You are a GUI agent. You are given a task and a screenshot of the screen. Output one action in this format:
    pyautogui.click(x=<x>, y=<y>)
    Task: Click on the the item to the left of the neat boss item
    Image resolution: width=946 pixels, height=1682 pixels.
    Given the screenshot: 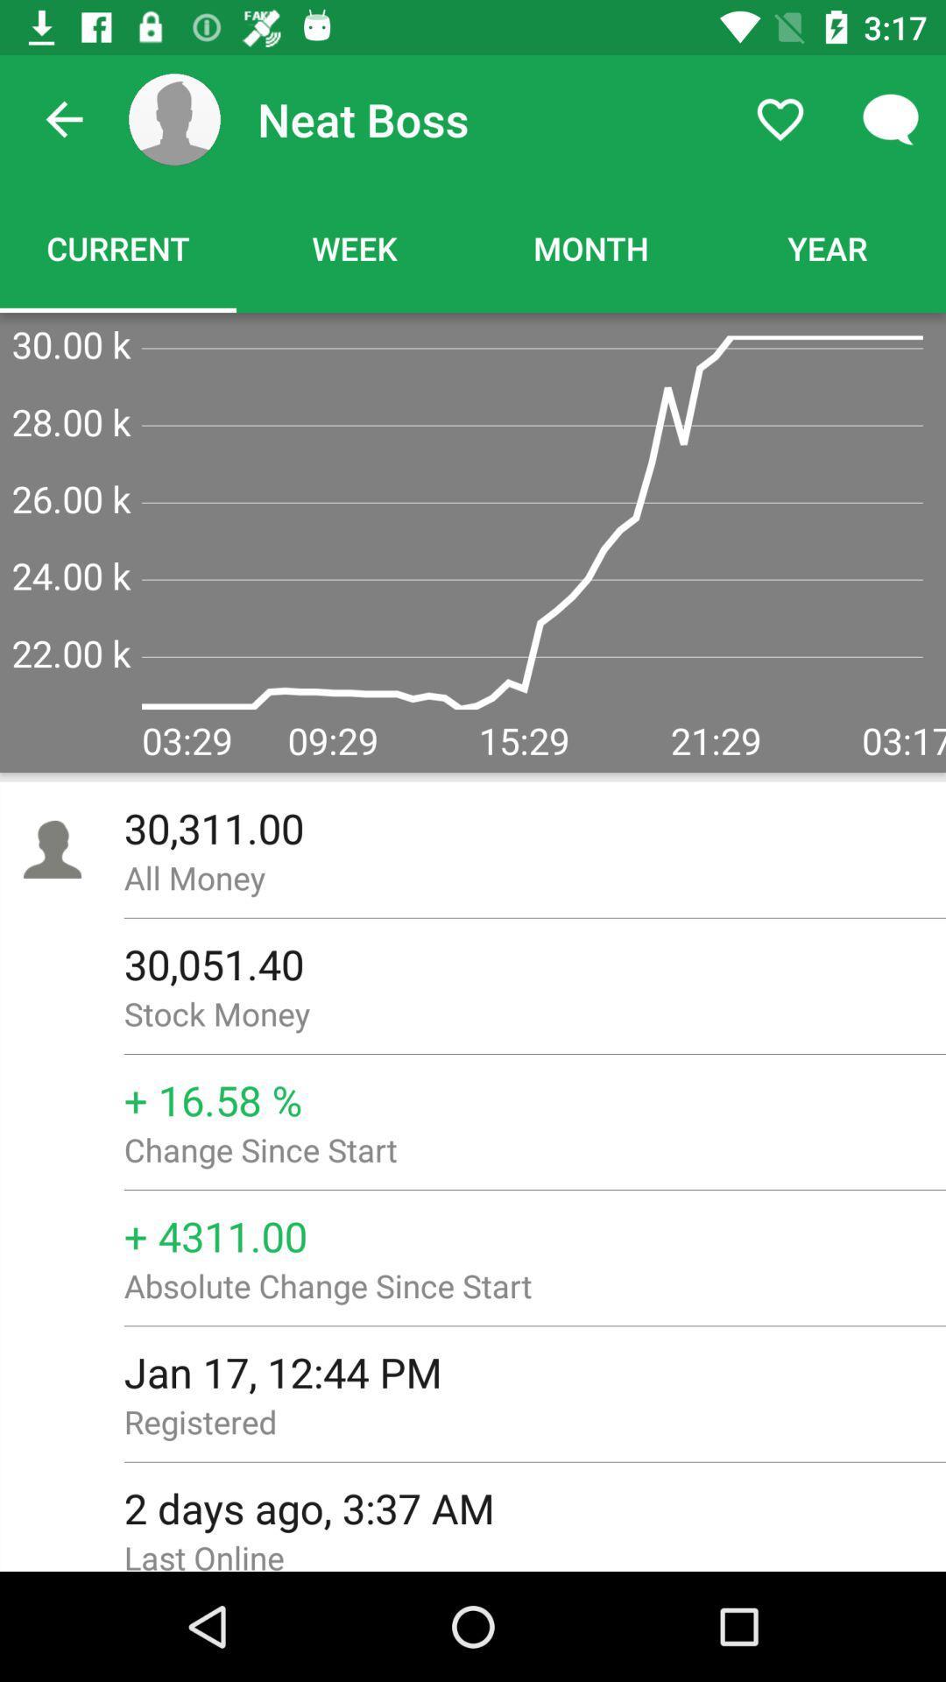 What is the action you would take?
    pyautogui.click(x=174, y=118)
    